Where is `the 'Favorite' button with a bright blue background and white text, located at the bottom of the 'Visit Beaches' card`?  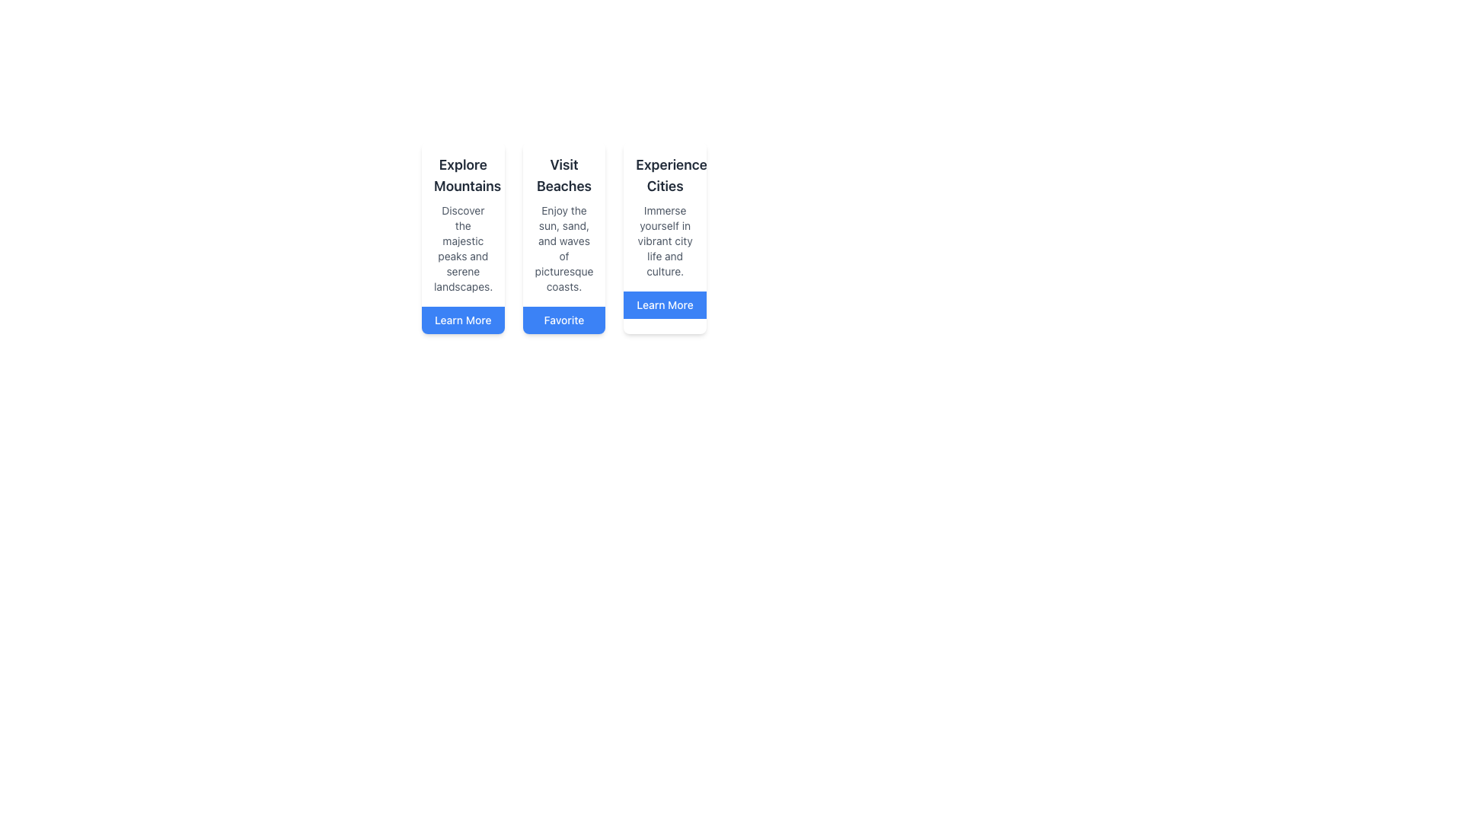 the 'Favorite' button with a bright blue background and white text, located at the bottom of the 'Visit Beaches' card is located at coordinates (563, 319).